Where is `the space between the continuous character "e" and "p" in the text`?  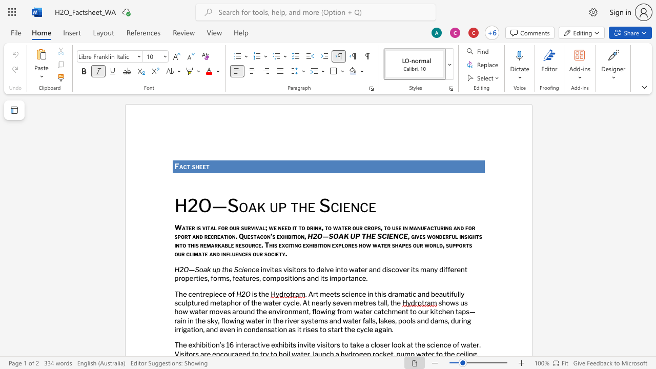 the space between the continuous character "e" and "p" in the text is located at coordinates (209, 294).